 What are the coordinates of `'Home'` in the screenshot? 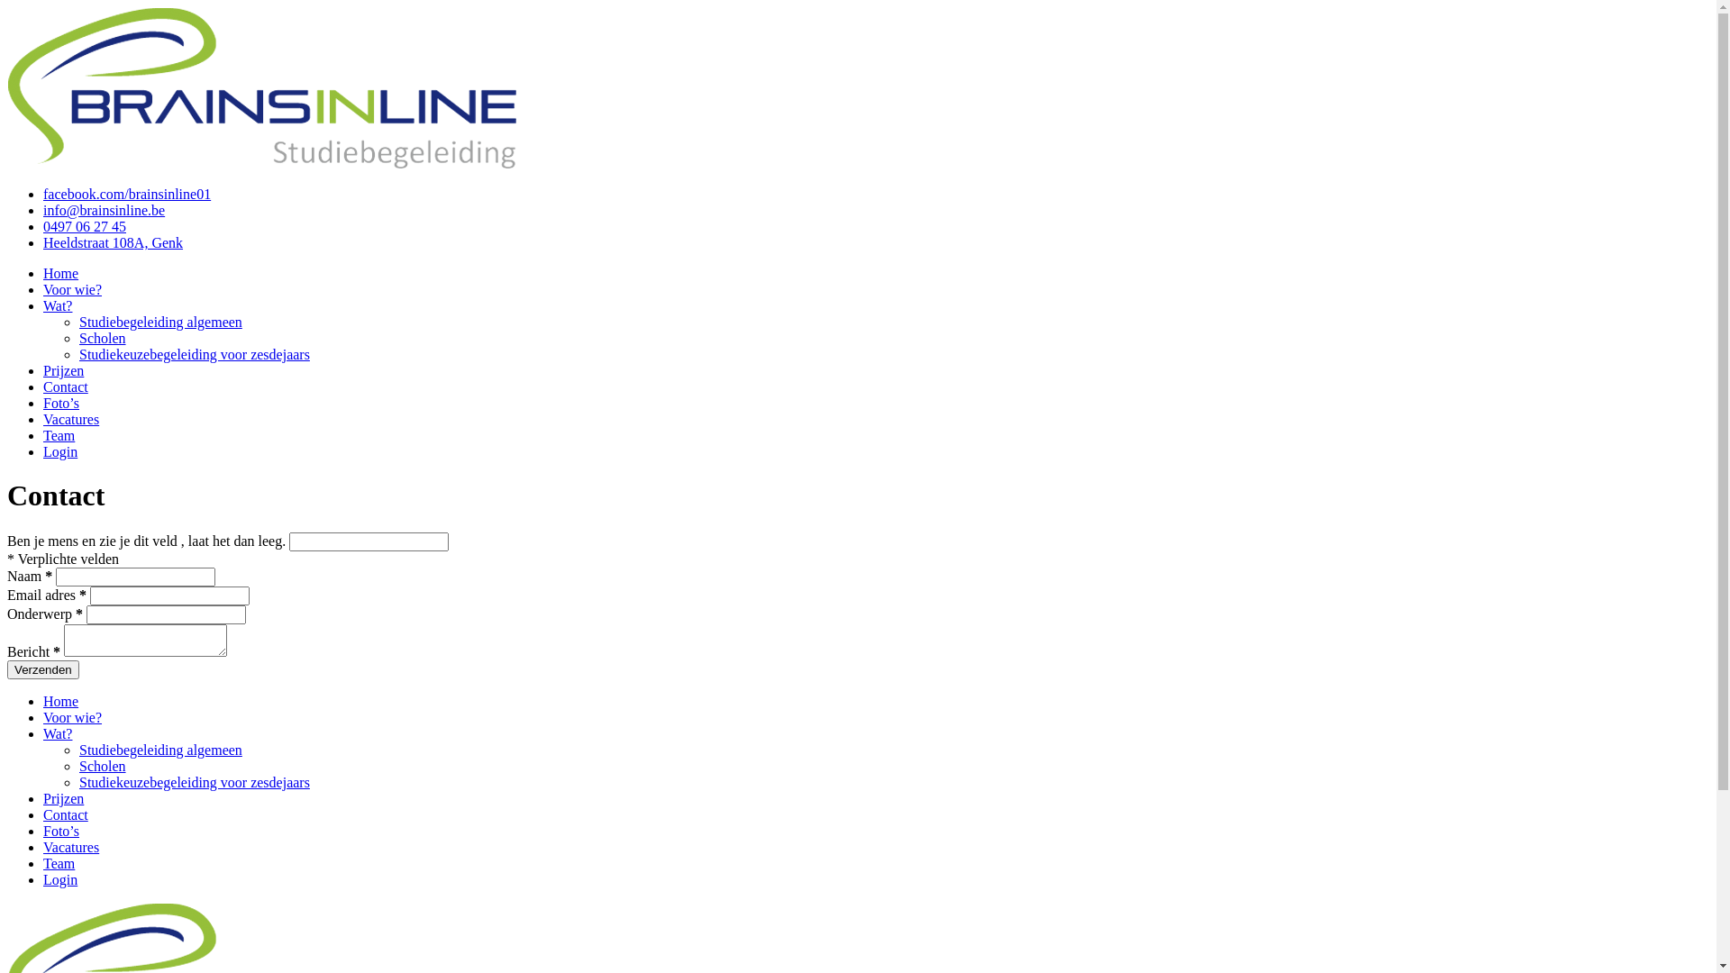 It's located at (43, 700).